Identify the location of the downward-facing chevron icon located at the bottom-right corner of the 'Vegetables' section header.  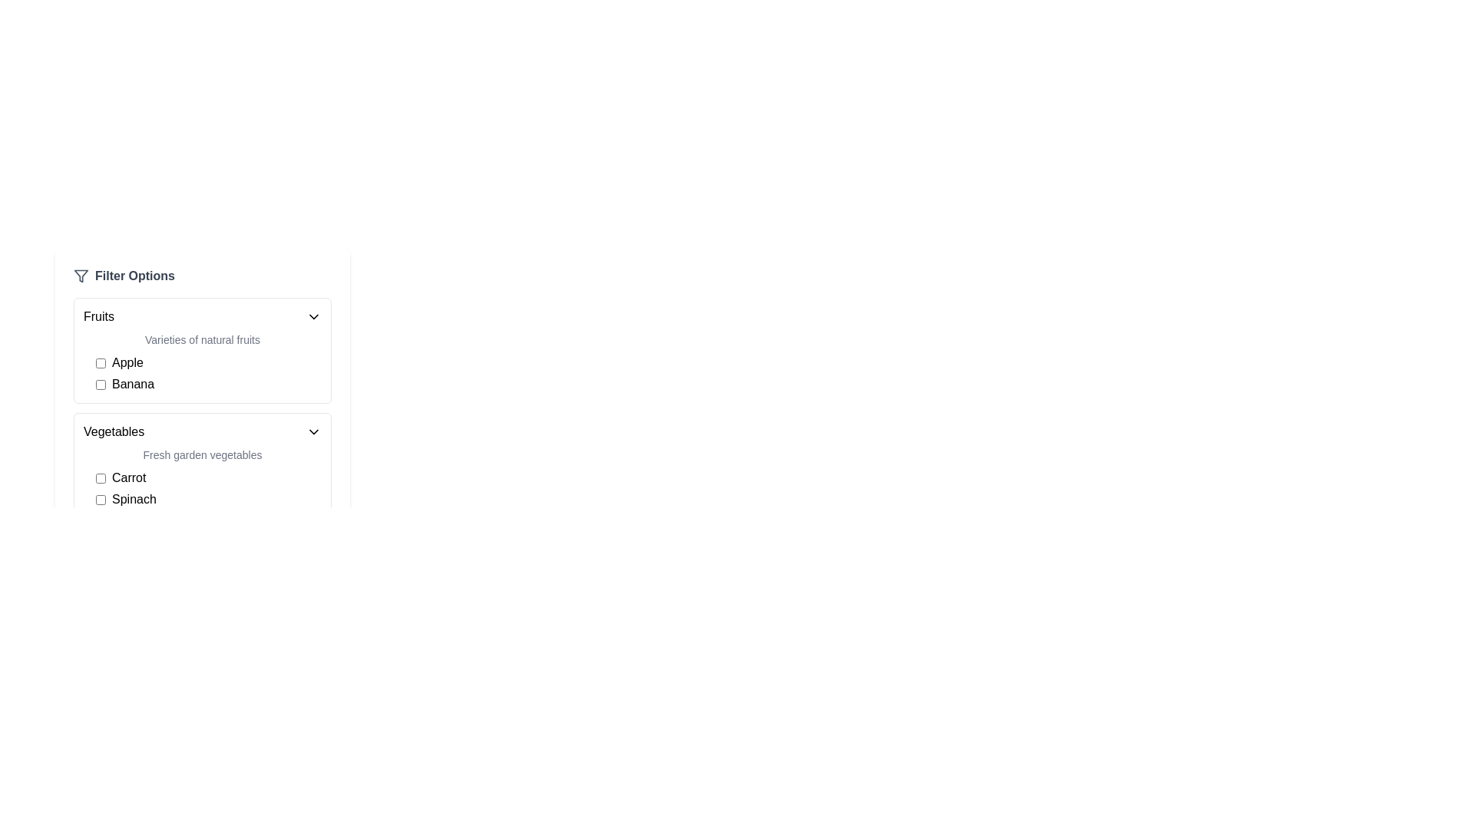
(312, 432).